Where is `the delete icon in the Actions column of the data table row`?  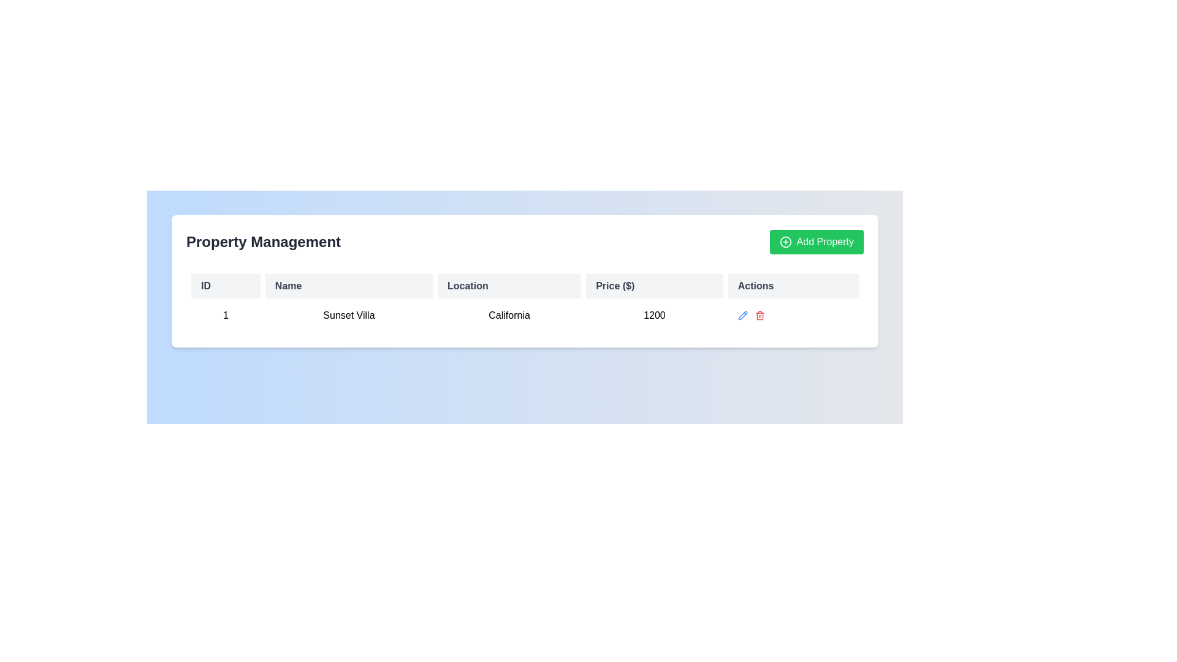
the delete icon in the Actions column of the data table row is located at coordinates (759, 315).